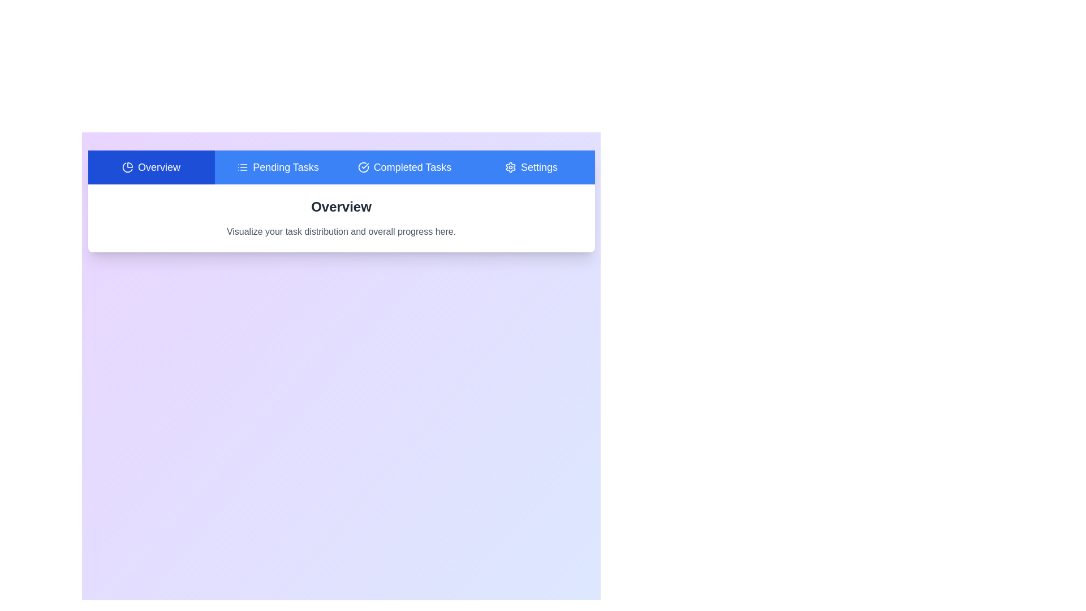 Image resolution: width=1086 pixels, height=611 pixels. Describe the element at coordinates (150, 167) in the screenshot. I see `the tab labeled Overview to observe its hover effect` at that location.